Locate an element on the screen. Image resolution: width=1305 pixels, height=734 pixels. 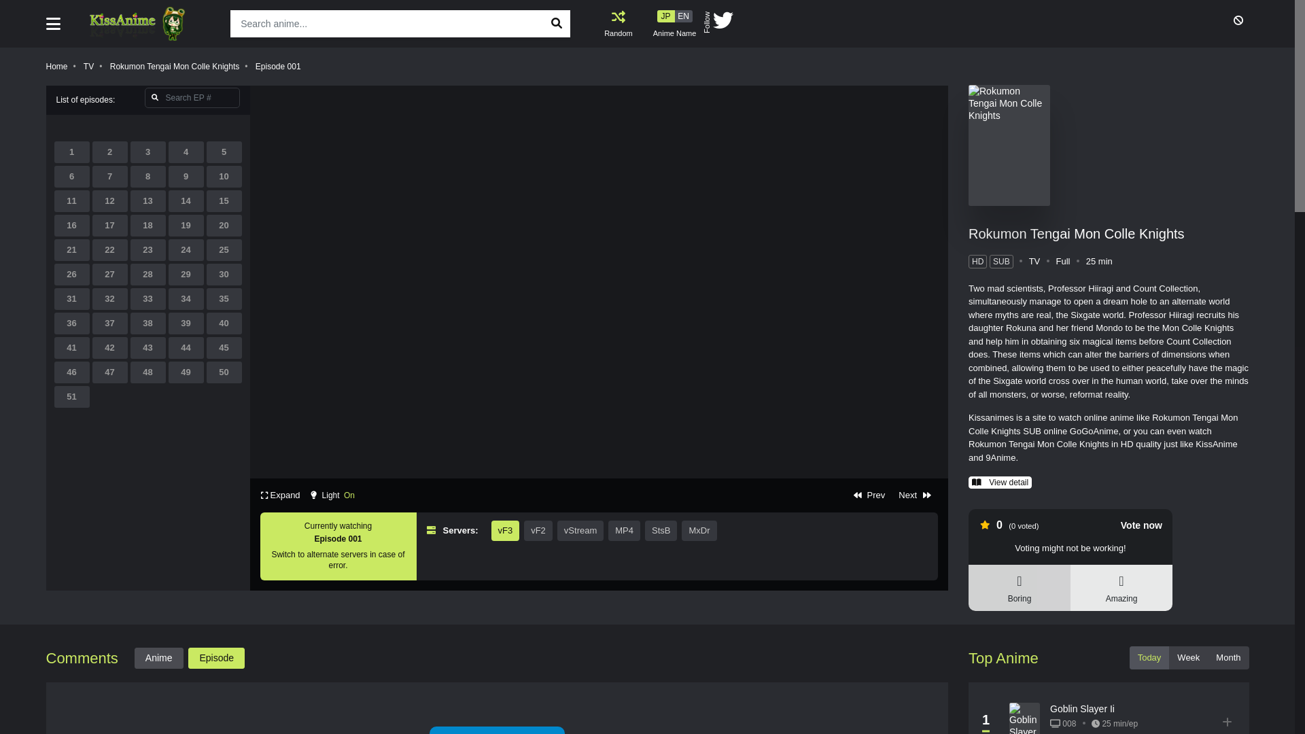
'Random' is located at coordinates (618, 23).